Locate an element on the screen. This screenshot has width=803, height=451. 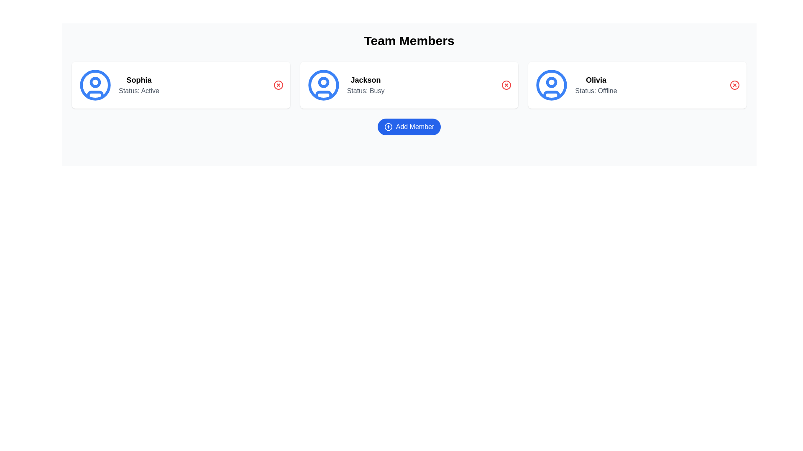
the static text that states 'Status: Busy', which is located below the name 'Jackson' in the central card of the 'Team Members' section is located at coordinates (366, 91).